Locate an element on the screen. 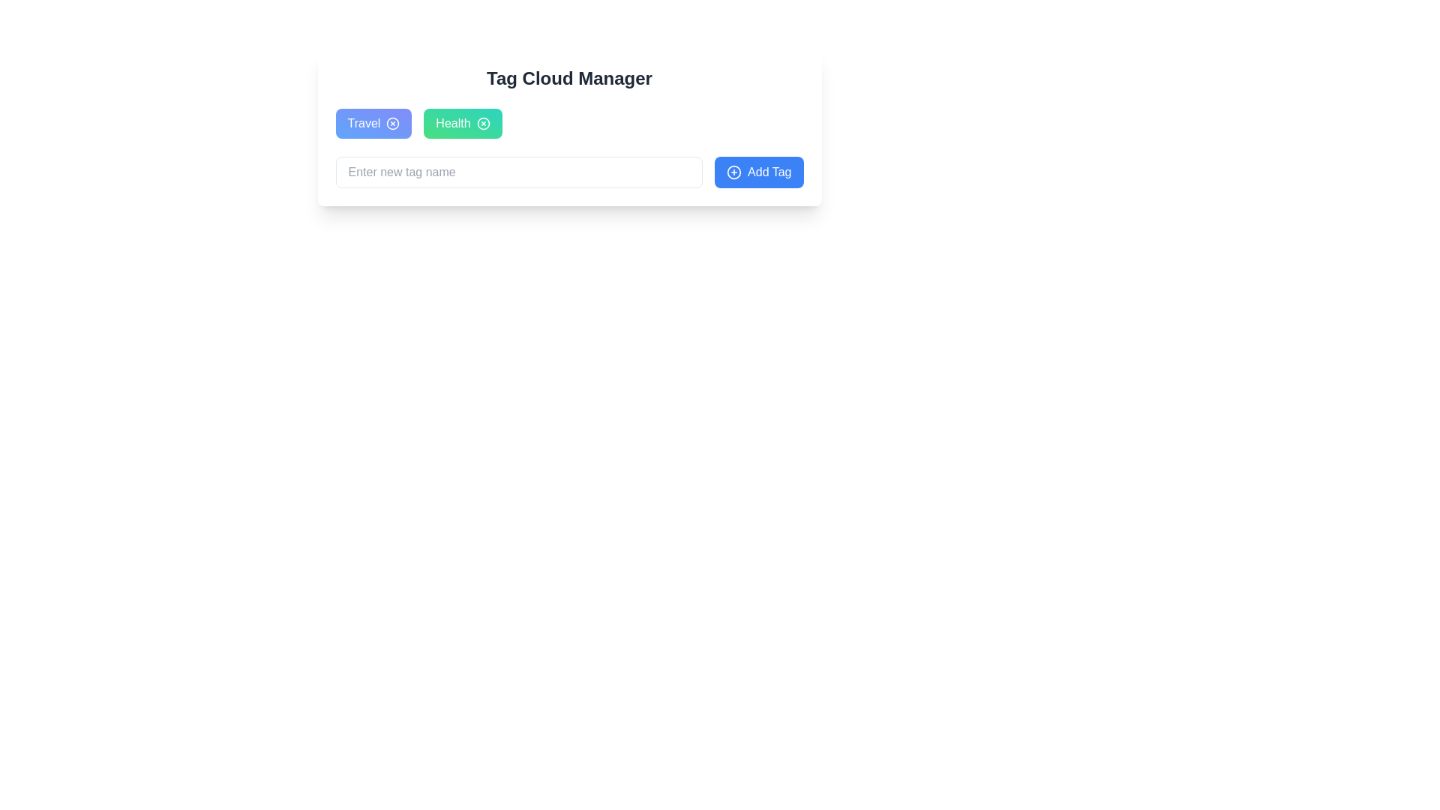 The height and width of the screenshot is (810, 1440). the circular delete icon located near the right edge inside the blue 'Travel' tag is located at coordinates (392, 123).